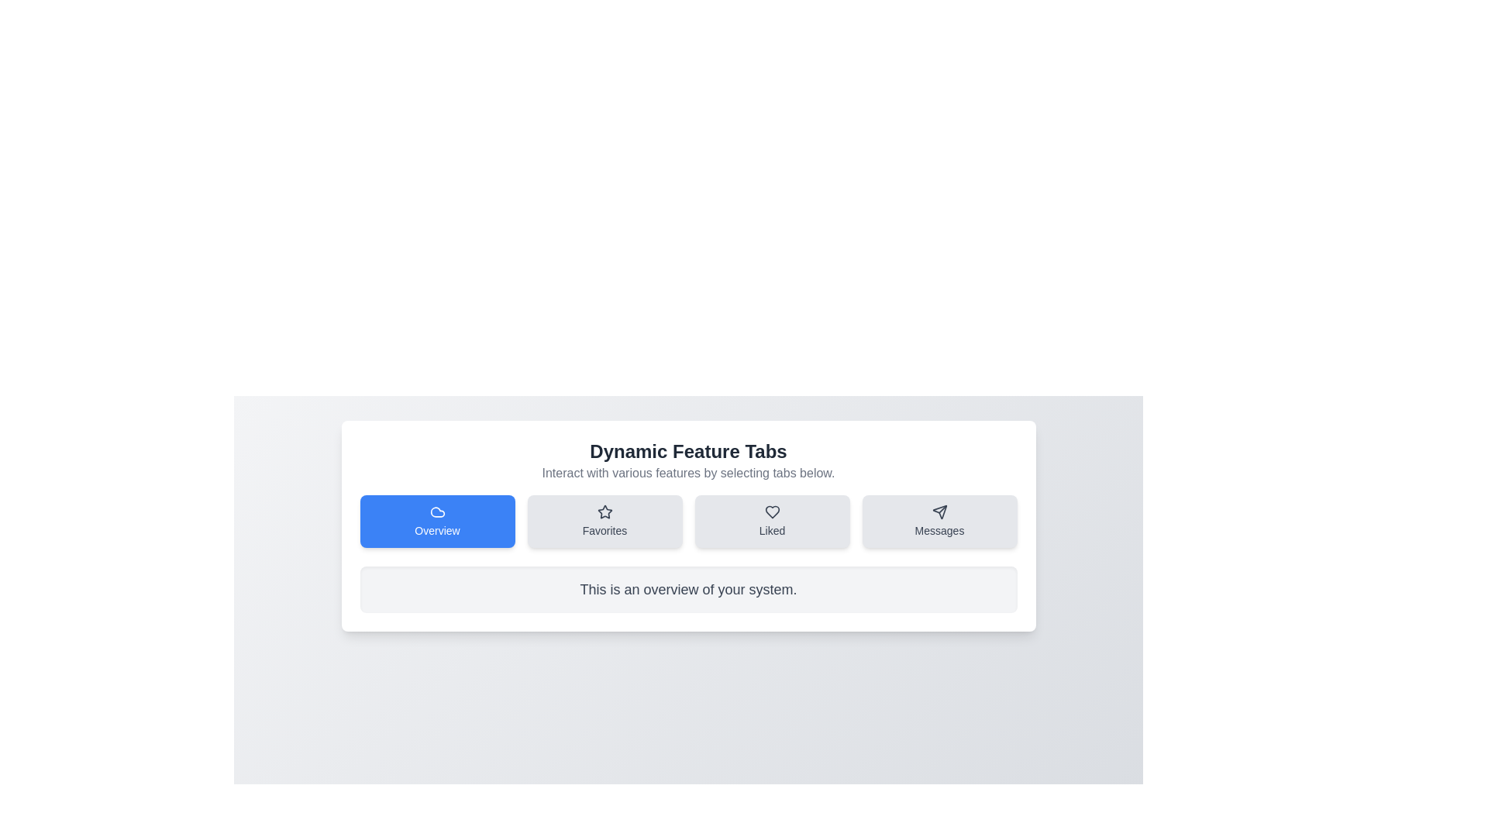 The width and height of the screenshot is (1488, 837). Describe the element at coordinates (687, 451) in the screenshot. I see `the text label styled in a prominent, bold font reading 'Dynamic Feature Tabs' located at the top of the section, serving as a title or heading` at that location.